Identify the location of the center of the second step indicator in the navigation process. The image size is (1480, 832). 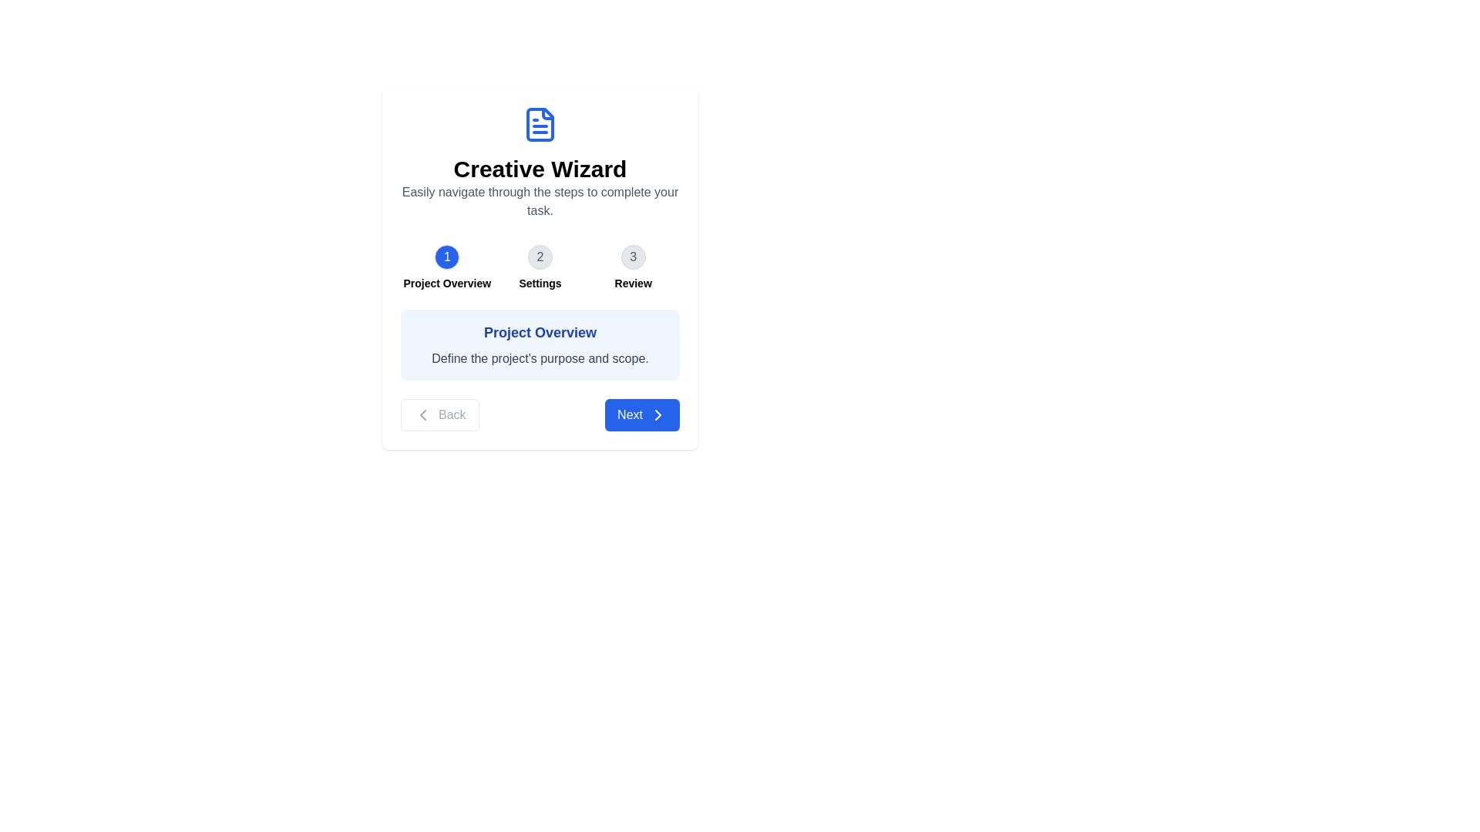
(540, 267).